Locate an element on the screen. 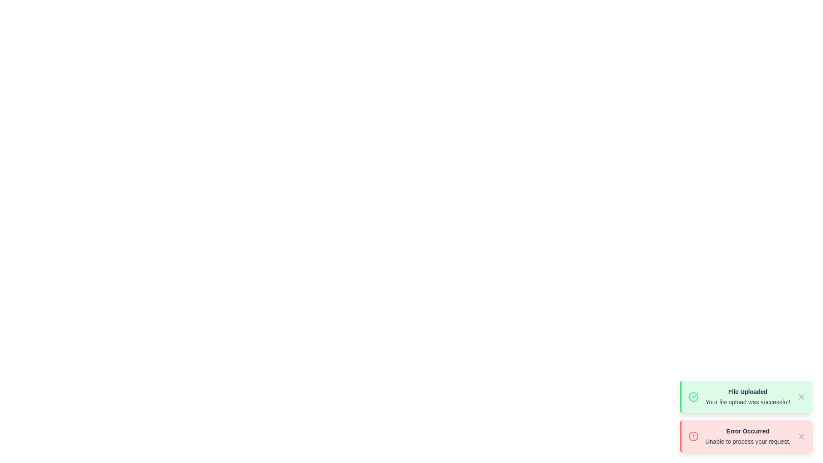 This screenshot has height=463, width=823. the notification text block that displays 'File Uploaded' and 'Your file upload was successful!' within a light green background is located at coordinates (747, 397).